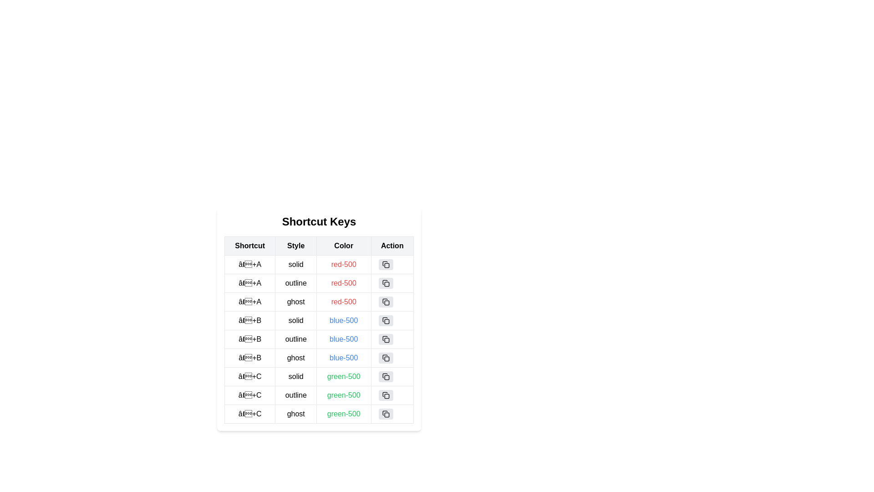 Image resolution: width=874 pixels, height=492 pixels. Describe the element at coordinates (343, 395) in the screenshot. I see `the text label displaying 'green-500' in green font color, located in the 'Color' column of the table` at that location.